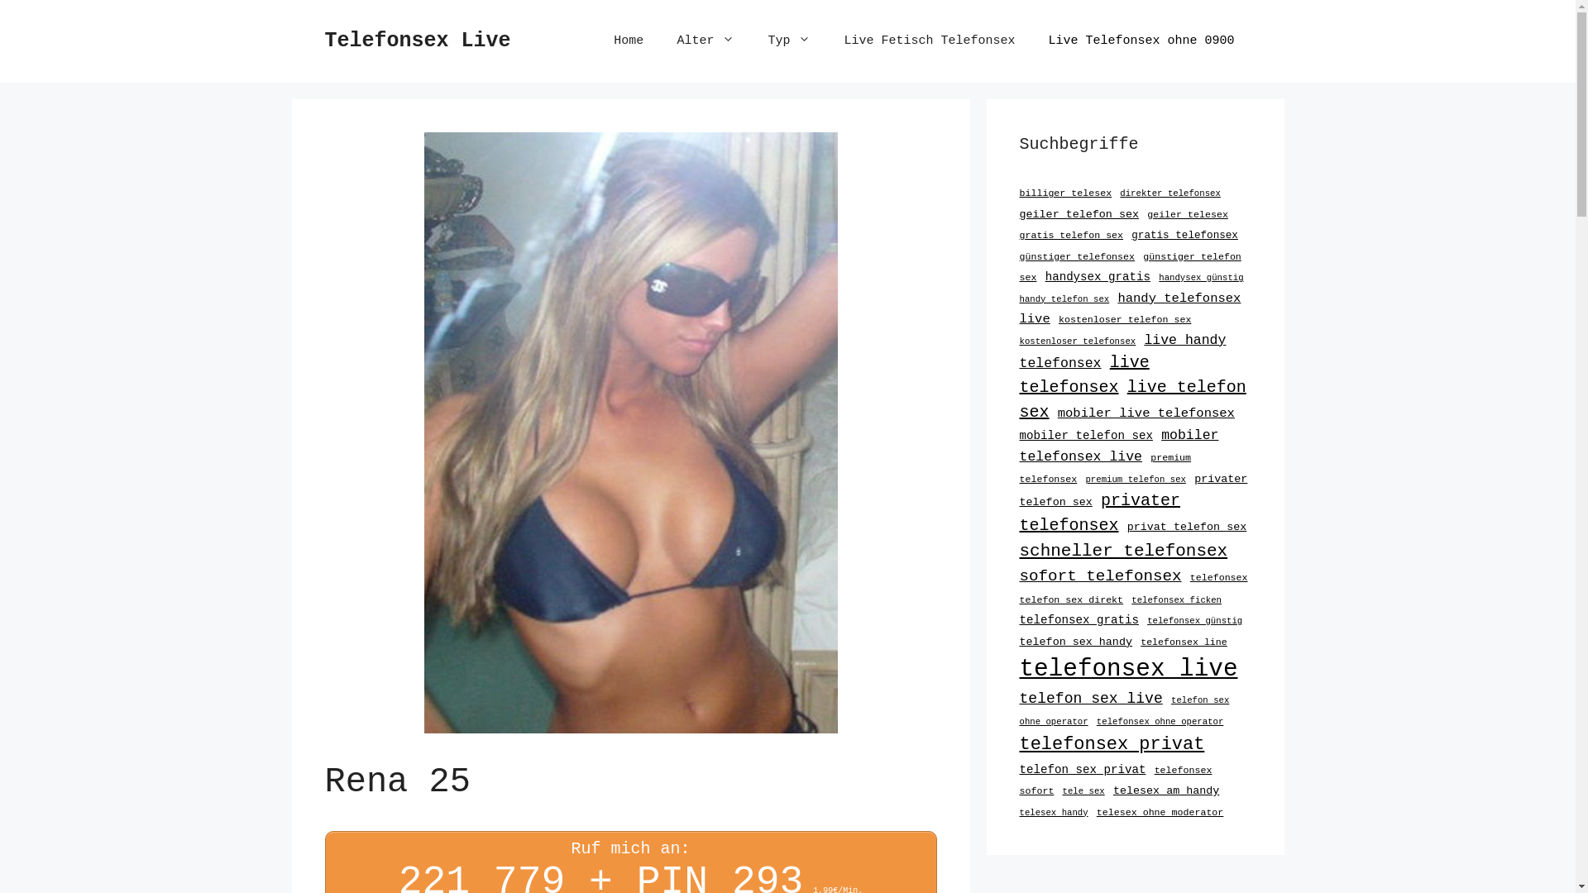 The height and width of the screenshot is (893, 1588). I want to click on 'telefonsex ohne operator', so click(1159, 720).